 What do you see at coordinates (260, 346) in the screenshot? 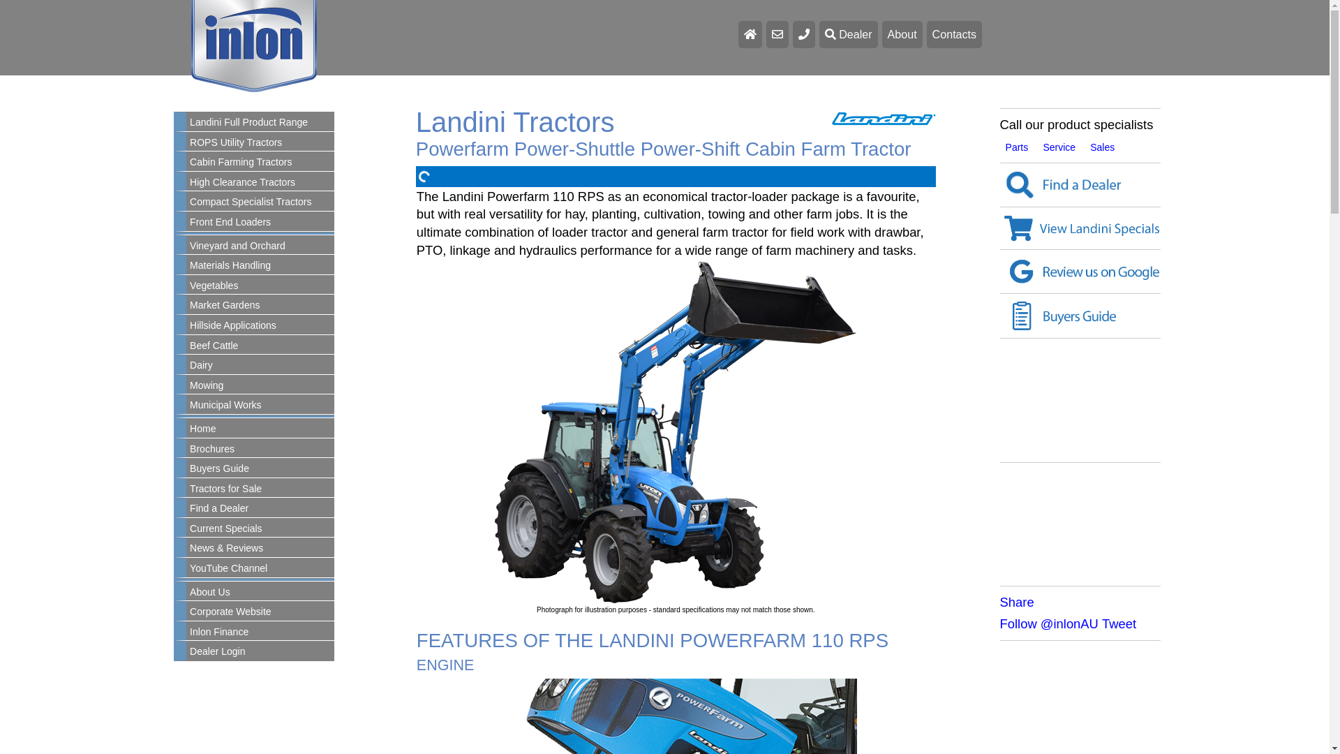
I see `'Beef Cattle'` at bounding box center [260, 346].